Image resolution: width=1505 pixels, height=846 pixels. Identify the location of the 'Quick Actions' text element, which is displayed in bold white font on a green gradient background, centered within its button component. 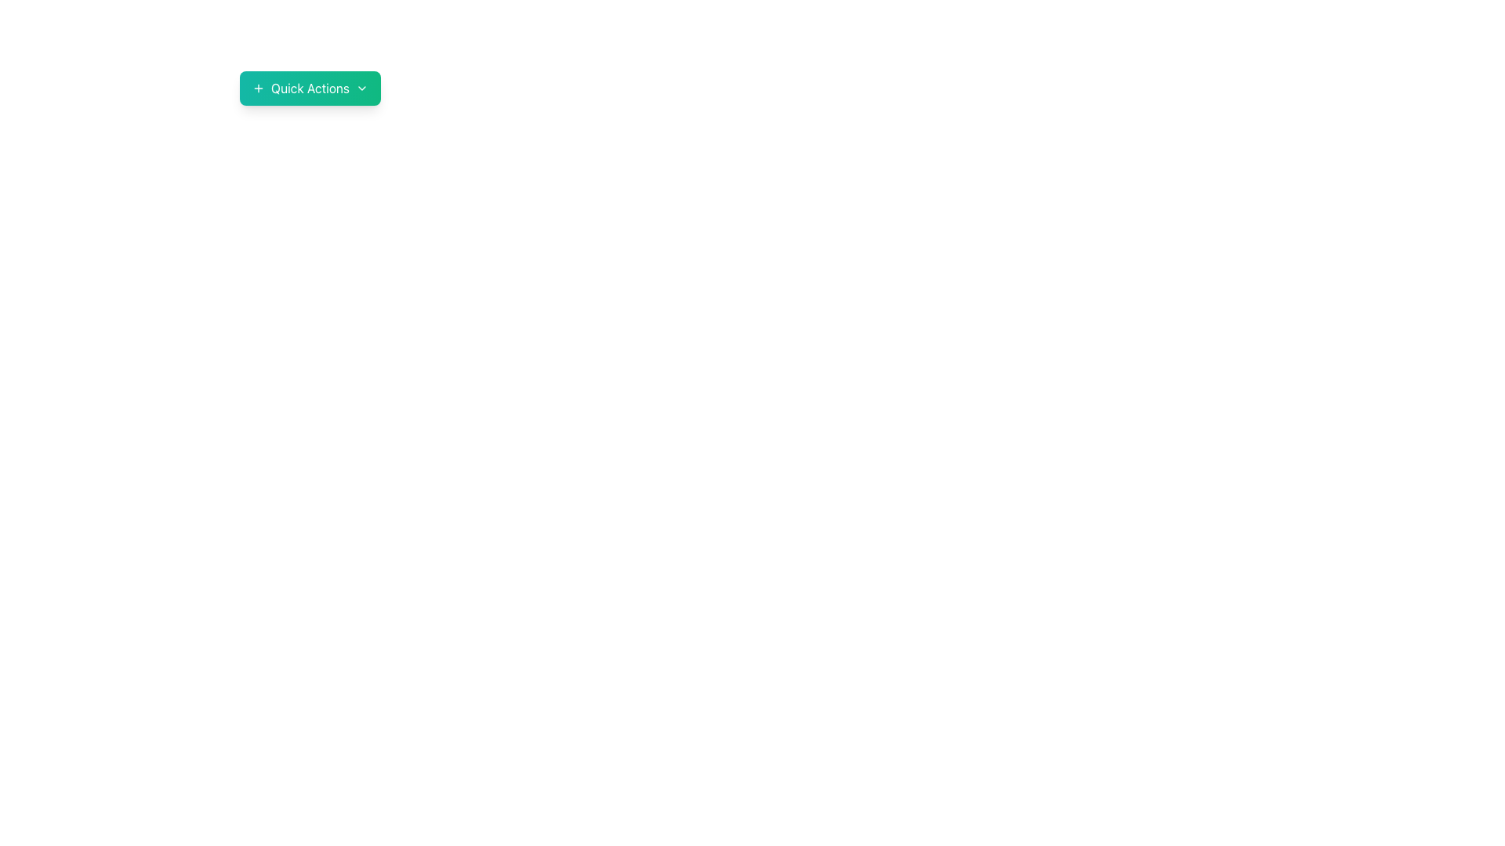
(310, 88).